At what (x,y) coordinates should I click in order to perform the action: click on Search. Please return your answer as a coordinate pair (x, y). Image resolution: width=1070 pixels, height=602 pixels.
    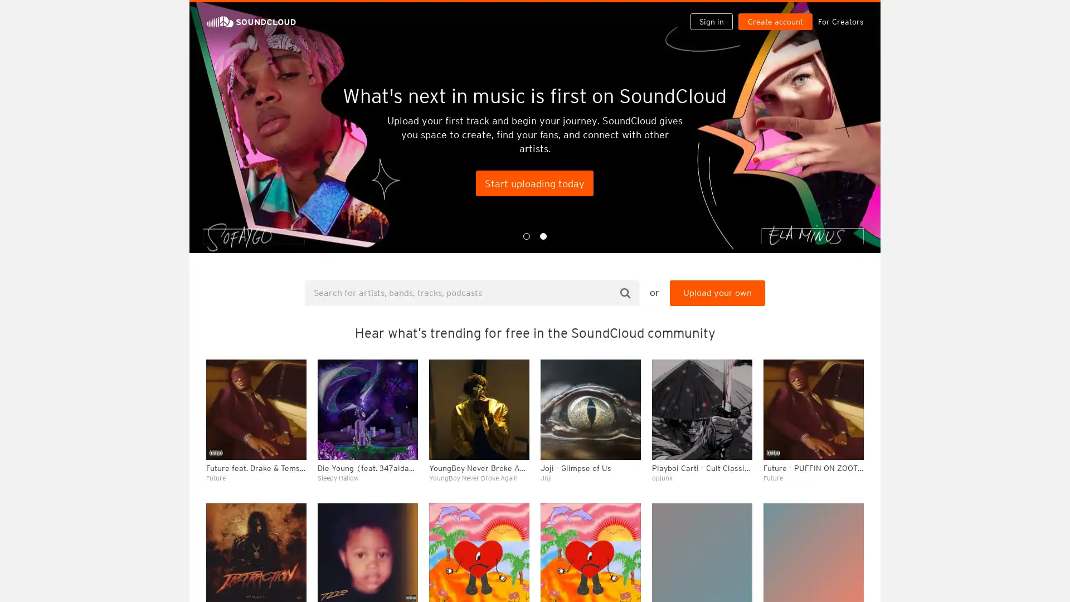
    Looking at the image, I should click on (625, 292).